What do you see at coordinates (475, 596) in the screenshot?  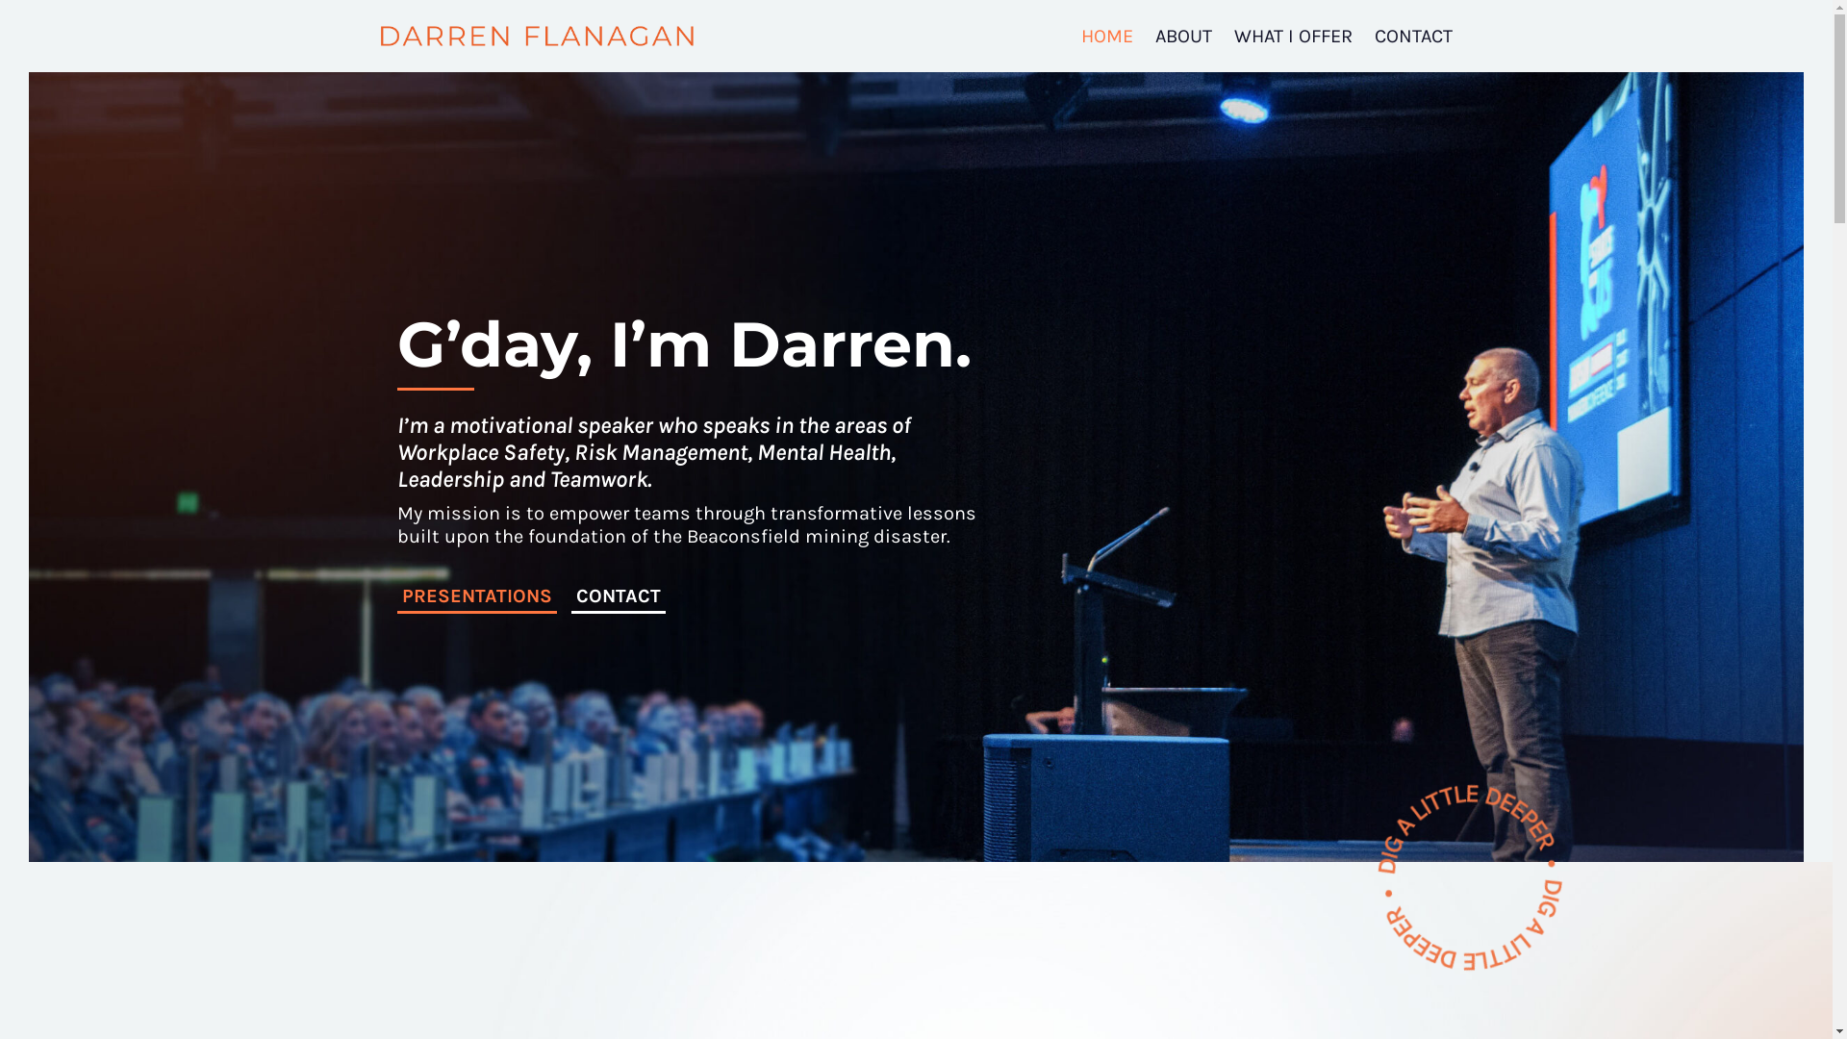 I see `'PRESENTATIONS'` at bounding box center [475, 596].